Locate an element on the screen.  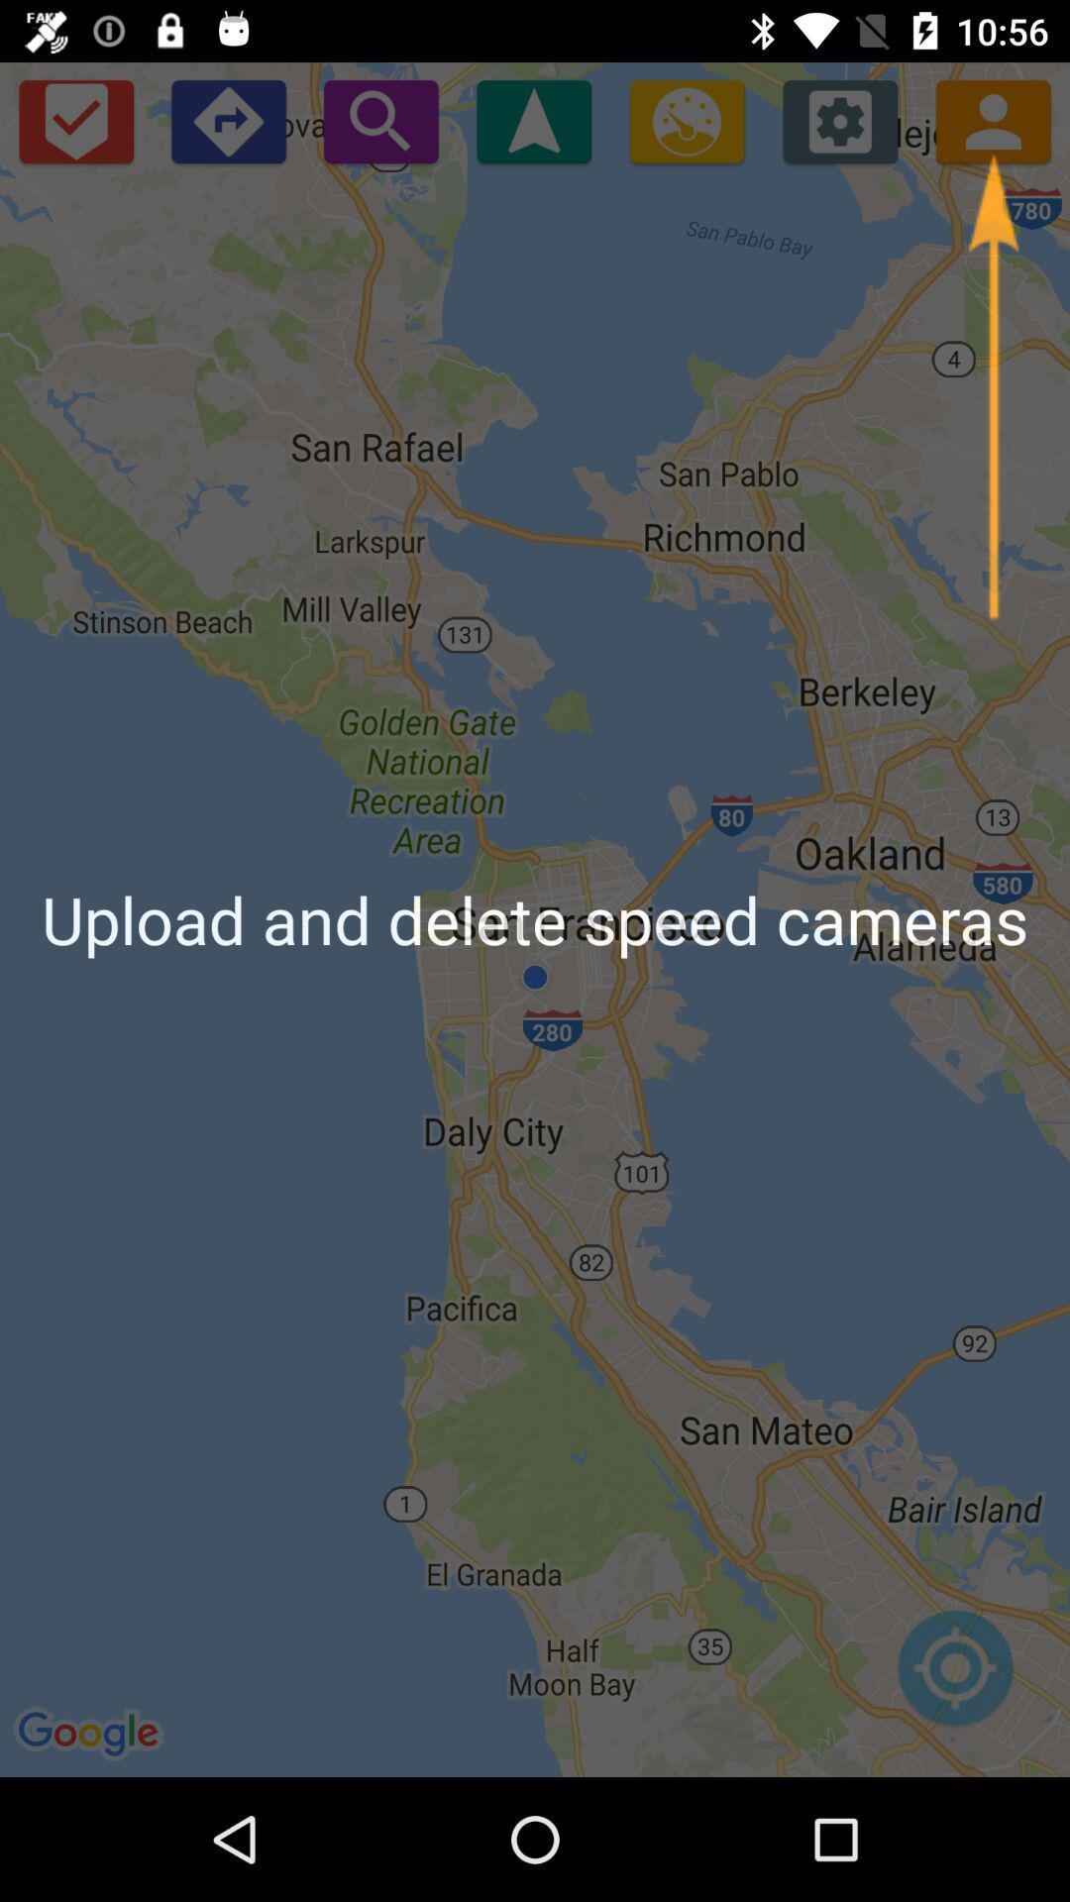
the location_crosshair icon is located at coordinates (954, 1677).